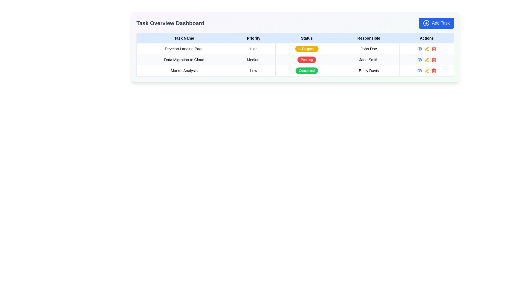 This screenshot has width=524, height=295. I want to click on the text label displaying 'Medium' in the 'Priority' column of the task row titled 'Data Migration to Cloud', so click(253, 60).